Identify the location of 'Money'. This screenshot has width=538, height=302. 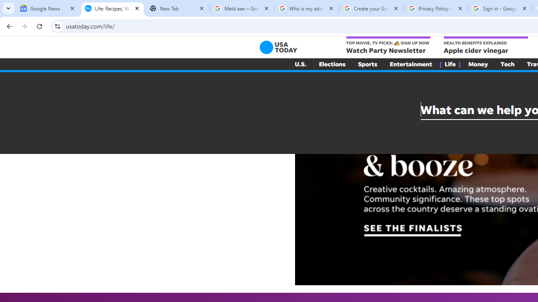
(478, 64).